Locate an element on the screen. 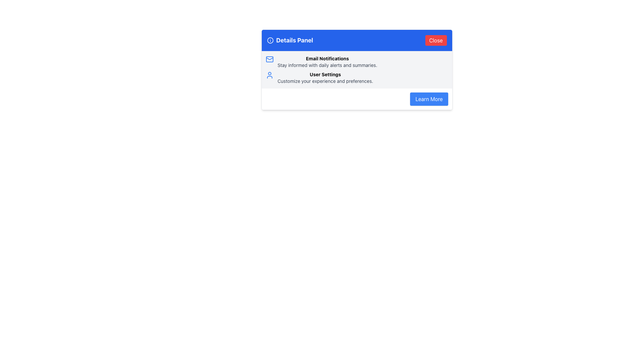 The image size is (637, 358). the circular informational icon with an 'i' symbol located to the left of the 'Details Panel' text is located at coordinates (270, 40).